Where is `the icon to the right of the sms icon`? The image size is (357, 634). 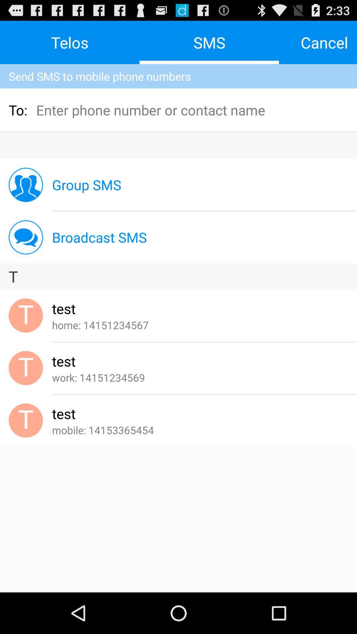
the icon to the right of the sms icon is located at coordinates (324, 42).